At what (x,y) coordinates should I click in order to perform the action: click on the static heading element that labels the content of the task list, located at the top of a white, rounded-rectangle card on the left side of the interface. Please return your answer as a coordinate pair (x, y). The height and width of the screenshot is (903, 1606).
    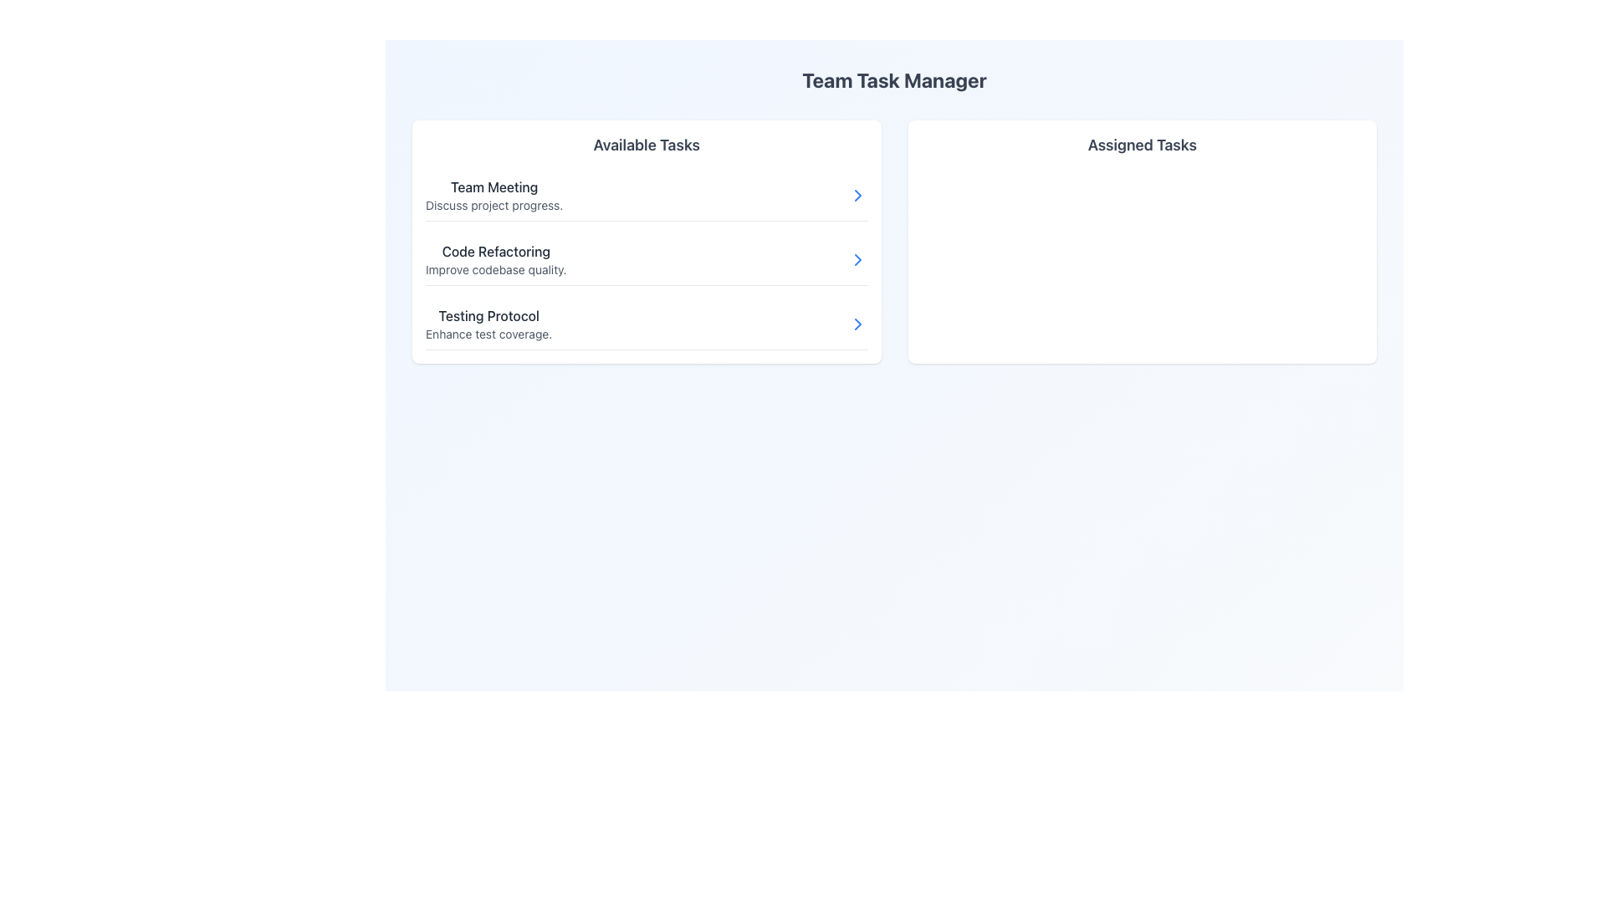
    Looking at the image, I should click on (646, 144).